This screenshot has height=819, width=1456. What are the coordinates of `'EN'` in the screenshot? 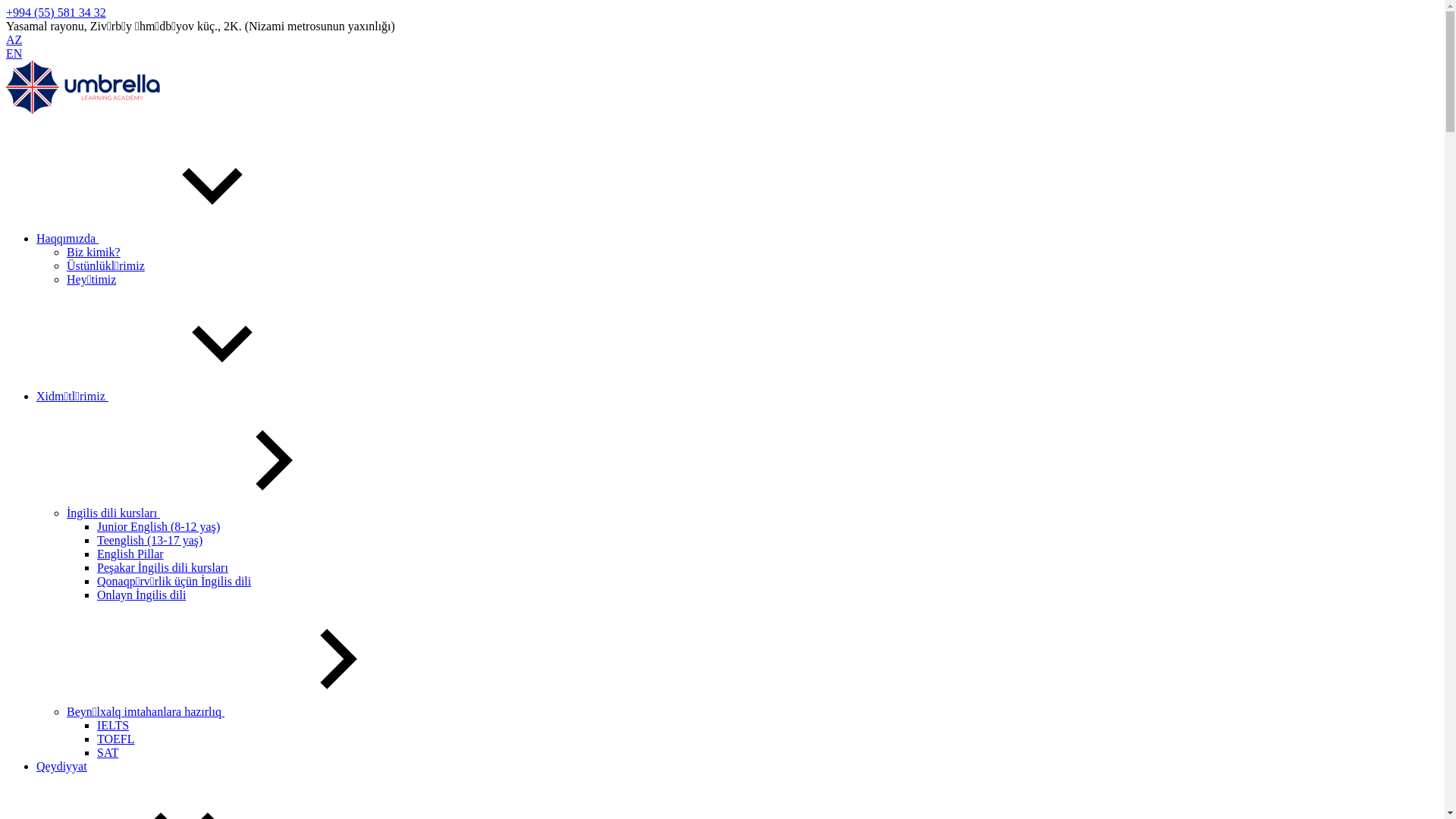 It's located at (14, 52).